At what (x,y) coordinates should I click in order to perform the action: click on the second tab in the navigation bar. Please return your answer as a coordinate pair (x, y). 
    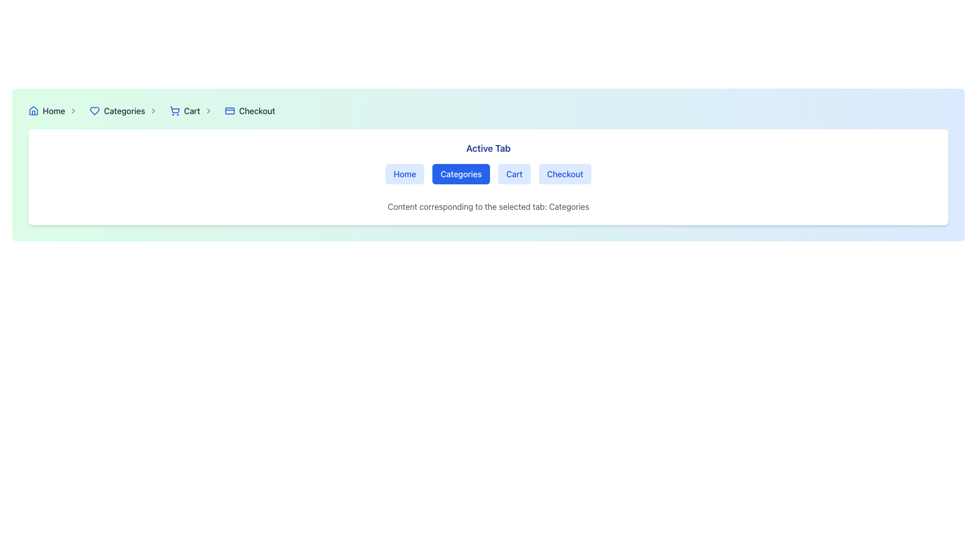
    Looking at the image, I should click on (488, 174).